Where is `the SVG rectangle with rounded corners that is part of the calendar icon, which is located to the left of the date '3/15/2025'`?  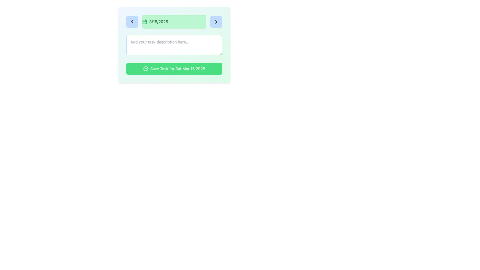
the SVG rectangle with rounded corners that is part of the calendar icon, which is located to the left of the date '3/15/2025' is located at coordinates (144, 21).